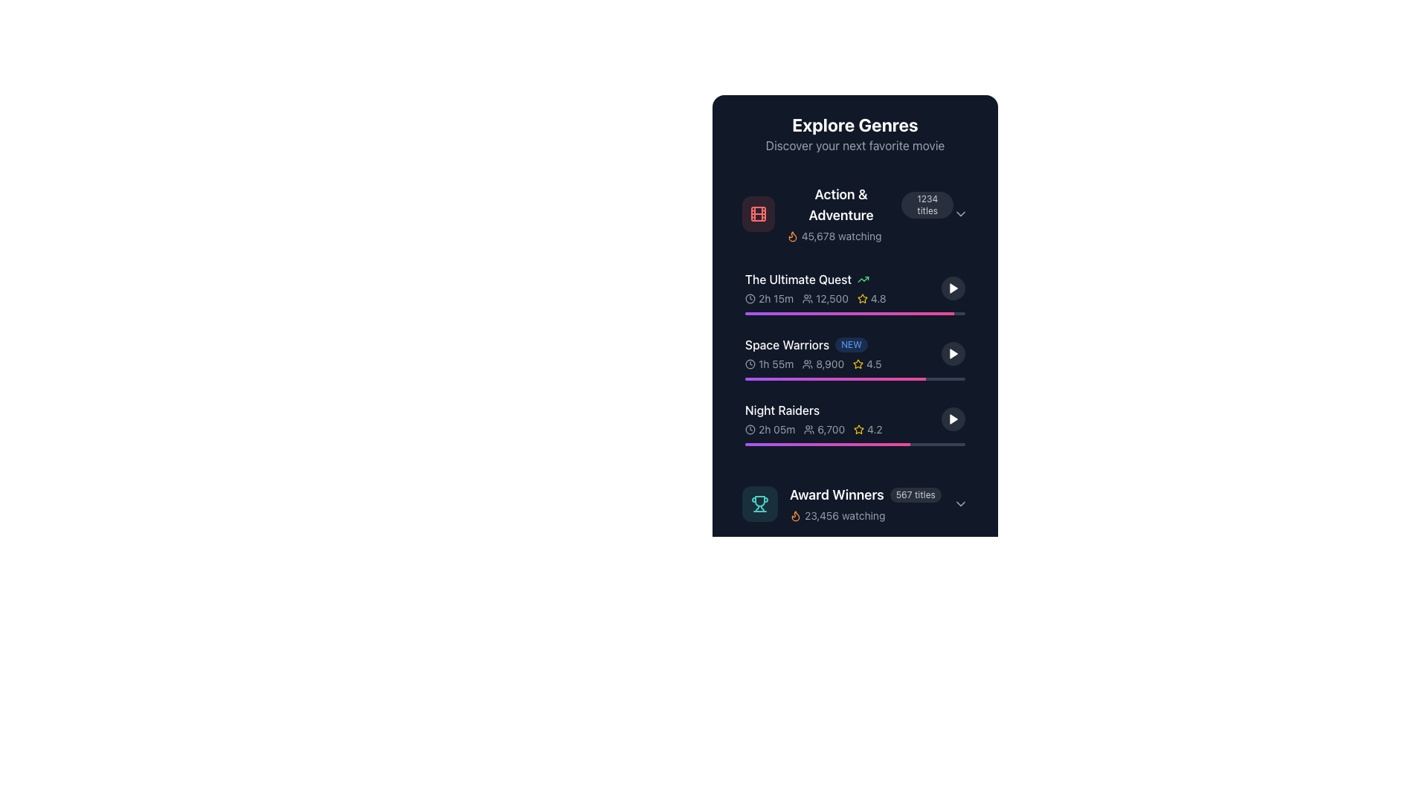  I want to click on the static text label displaying the number of viewers or participants for the 'Night Raiders' item, located under the 'Night Raiders' section of the interface, so click(823, 430).